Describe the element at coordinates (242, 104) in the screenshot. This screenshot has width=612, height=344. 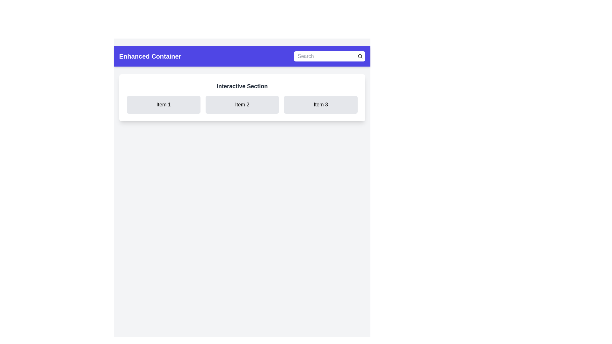
I see `the Button-like grid item labeled 'Item 2' with a light gray background and centered black text` at that location.